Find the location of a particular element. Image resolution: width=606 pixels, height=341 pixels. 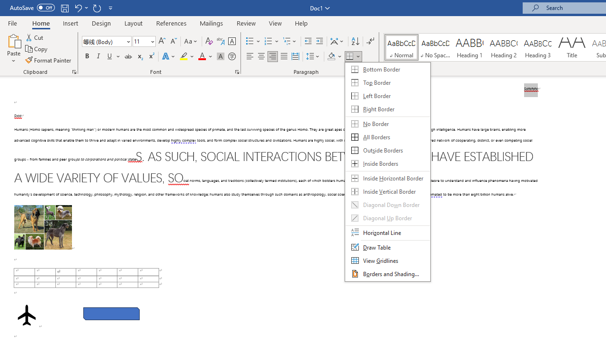

'Design' is located at coordinates (101, 23).